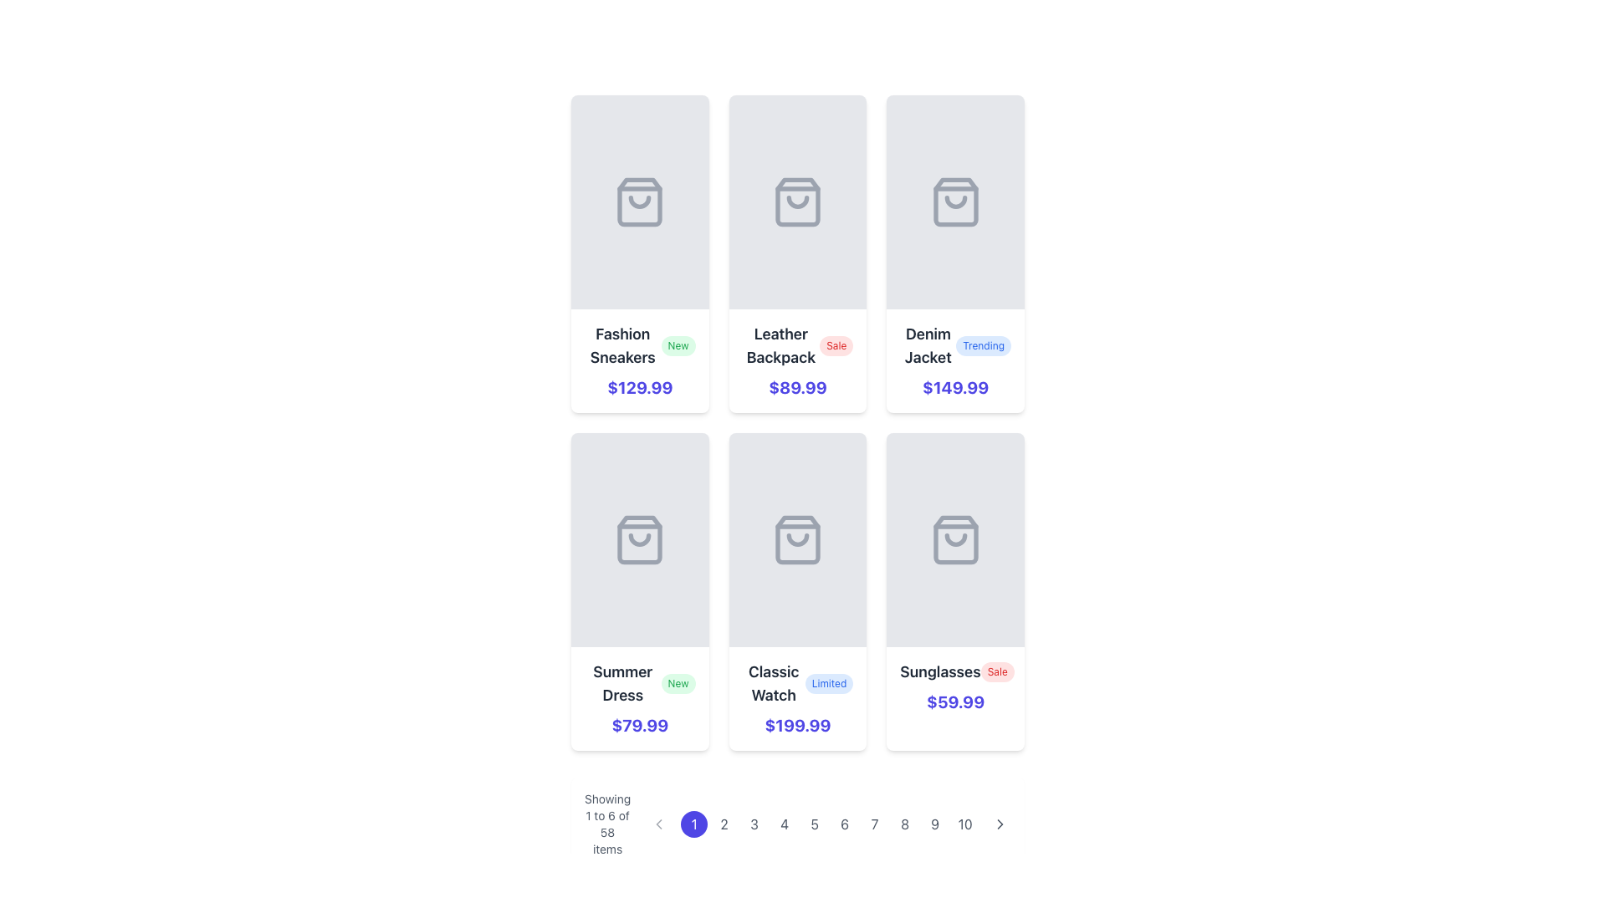 This screenshot has width=1606, height=903. What do you see at coordinates (829, 683) in the screenshot?
I see `text of the rounded label with a light blue background and blue text that says 'Limited', located to the right of 'Classic Watch' in the grid layout` at bounding box center [829, 683].